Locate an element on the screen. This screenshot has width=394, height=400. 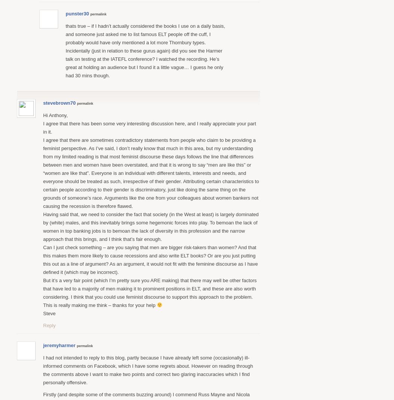
'thats true – if I hadn’t actually considered the books I use on a daily basis, and someone just asked me to list famous ELT people off the cuff, I probably would have only mentioned a lot more Thornbury types.' is located at coordinates (145, 33).